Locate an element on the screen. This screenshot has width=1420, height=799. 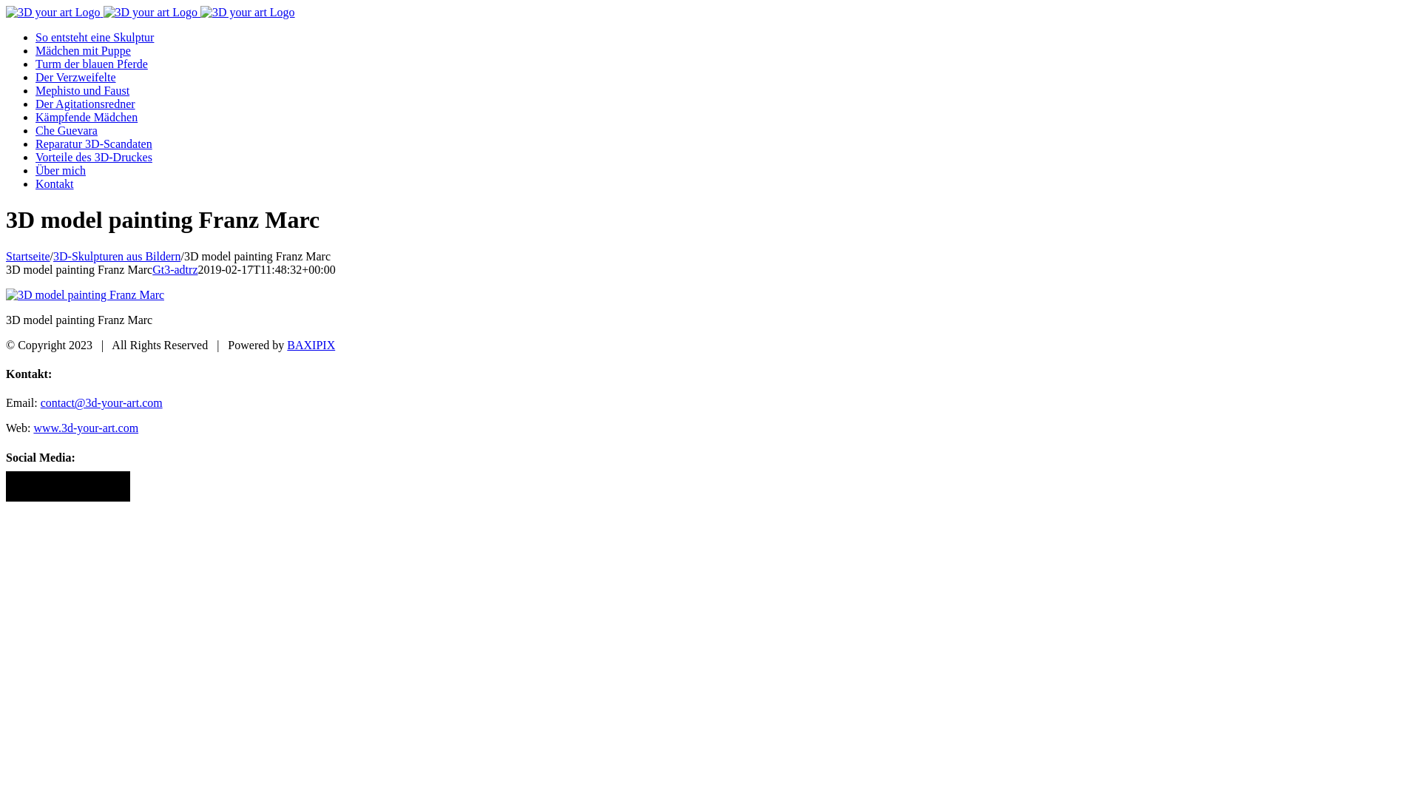
'Mephisto und Faust' is located at coordinates (81, 90).